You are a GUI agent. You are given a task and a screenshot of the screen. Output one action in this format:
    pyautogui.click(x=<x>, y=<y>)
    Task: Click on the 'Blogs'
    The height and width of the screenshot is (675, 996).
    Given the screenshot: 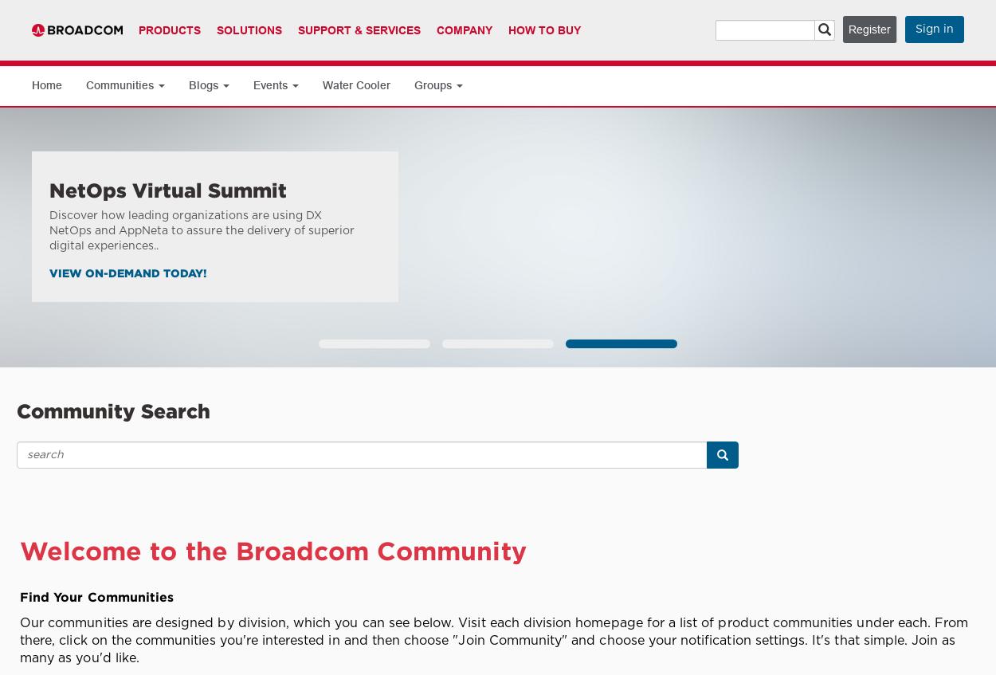 What is the action you would take?
    pyautogui.click(x=203, y=85)
    